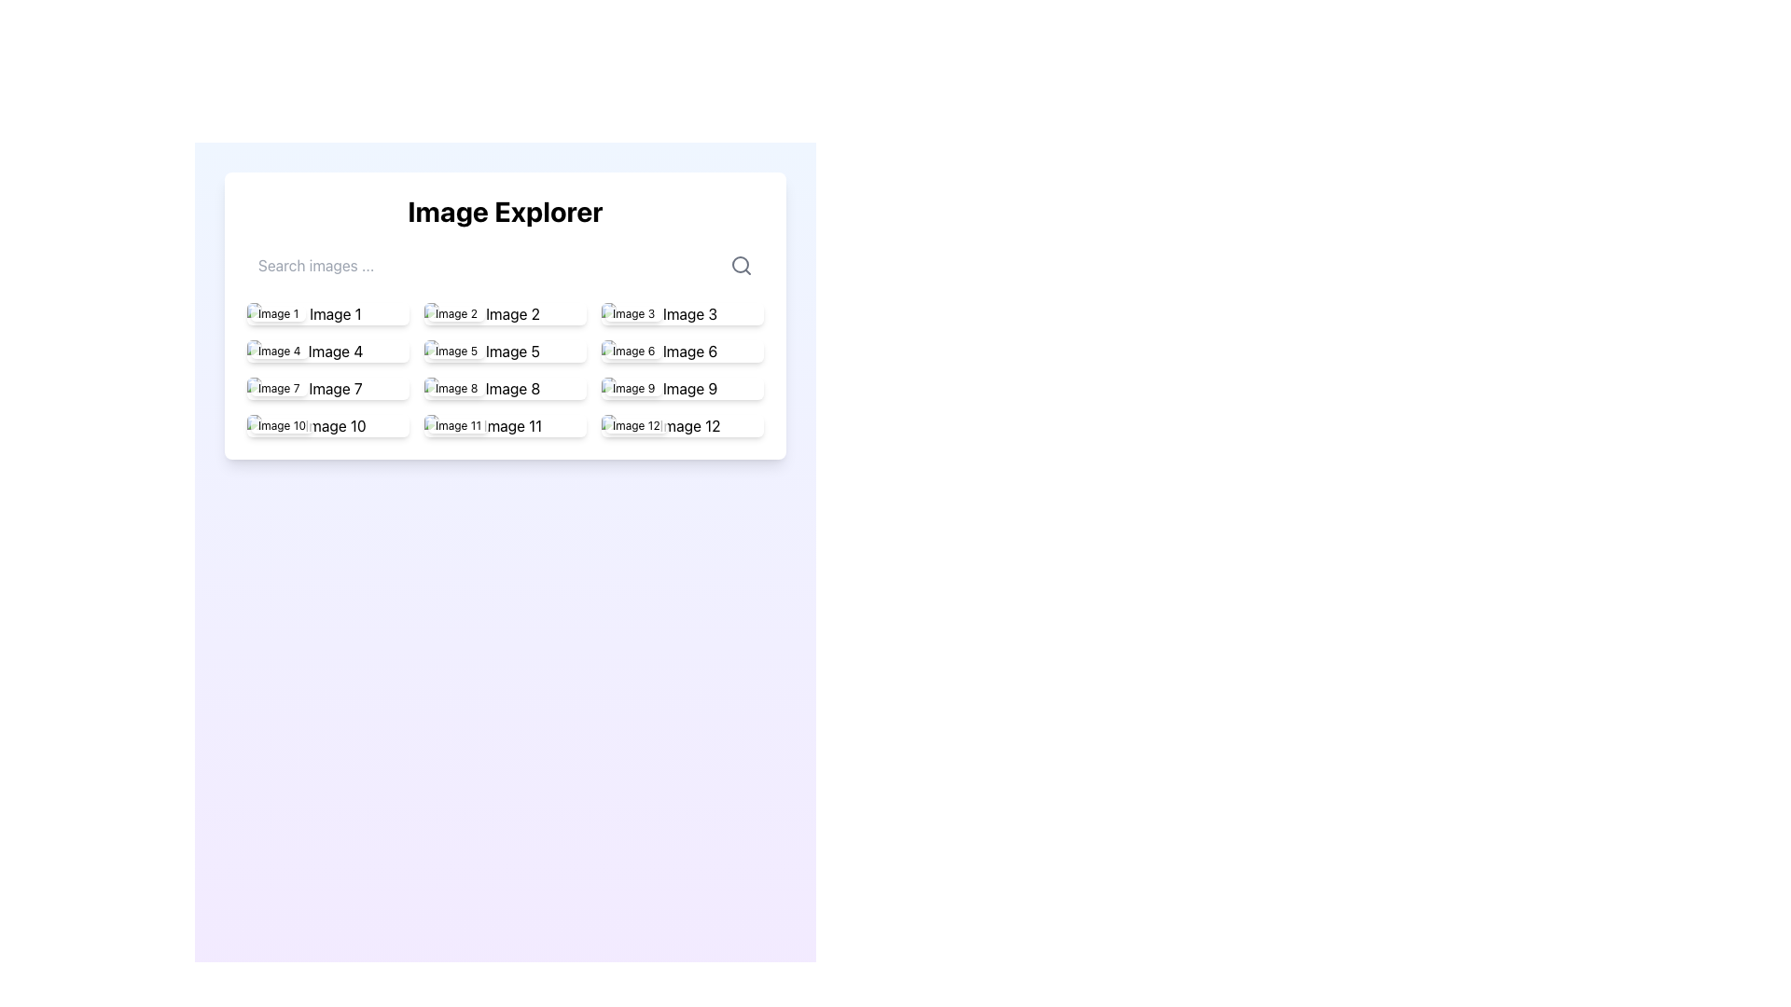  I want to click on the image card with label located in the fourth row and first column of the grid in the 'Image Explorer', so click(327, 425).